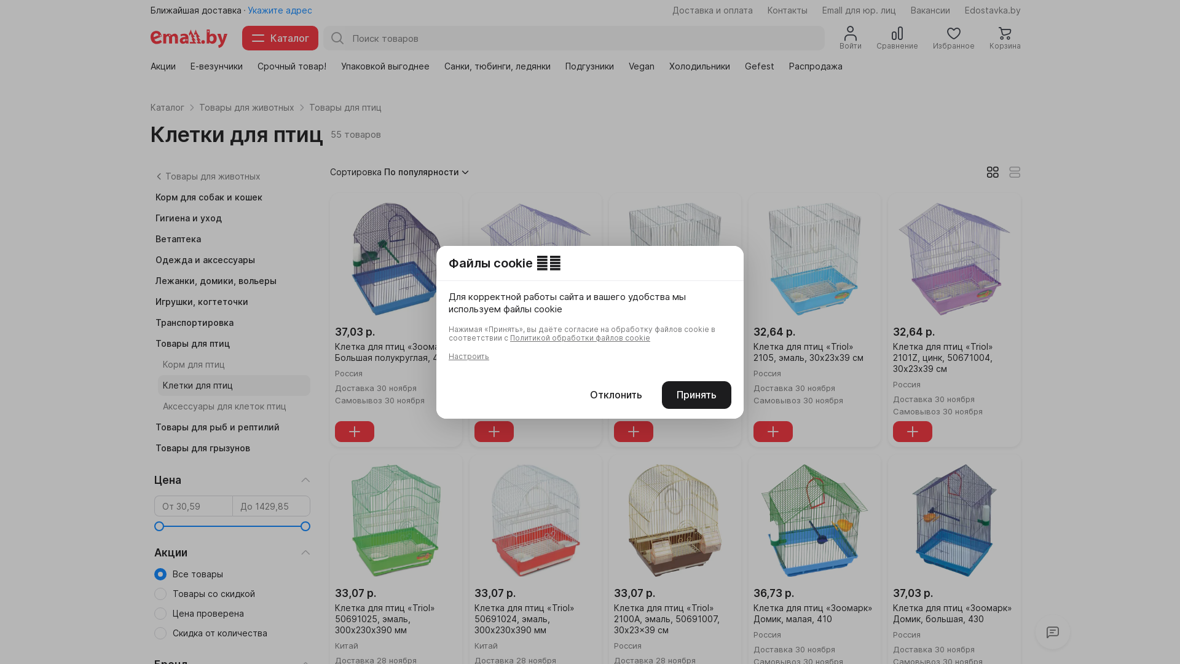  Describe the element at coordinates (744, 66) in the screenshot. I see `'Gefest'` at that location.